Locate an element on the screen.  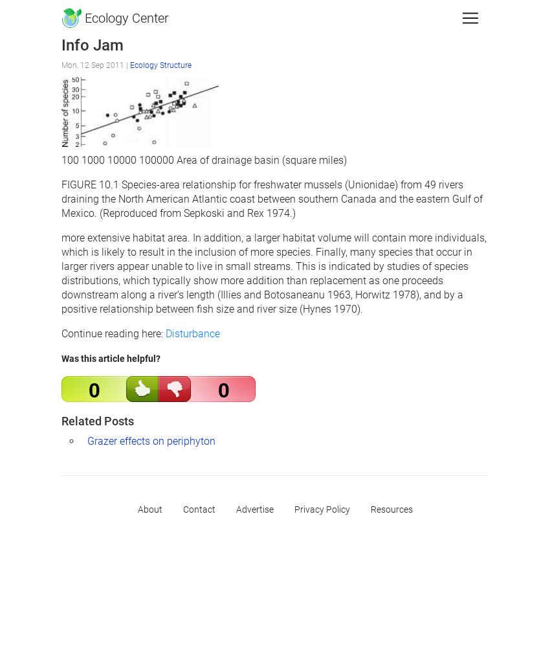
'Privacy Policy' is located at coordinates (321, 509).